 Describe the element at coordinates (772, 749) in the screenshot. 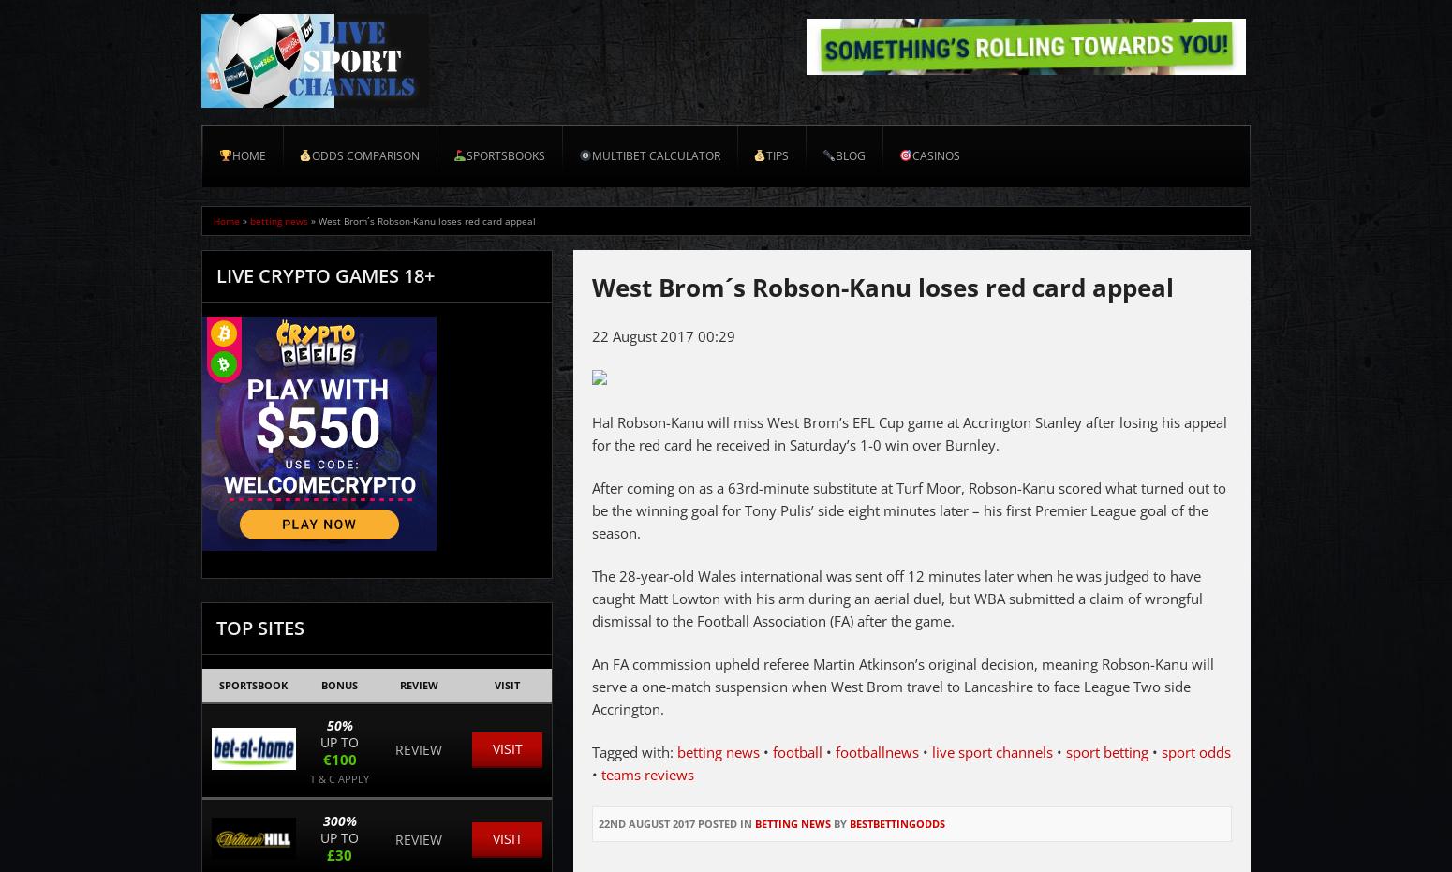

I see `'football'` at that location.